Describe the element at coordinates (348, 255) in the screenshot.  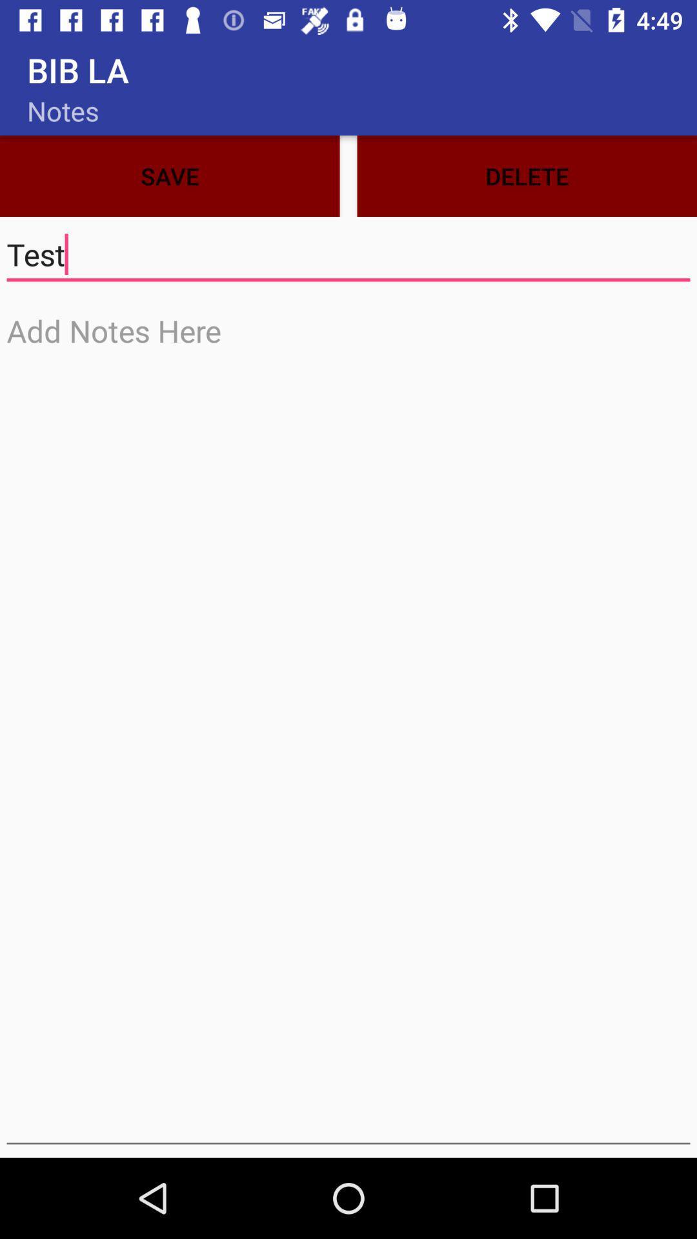
I see `test item` at that location.